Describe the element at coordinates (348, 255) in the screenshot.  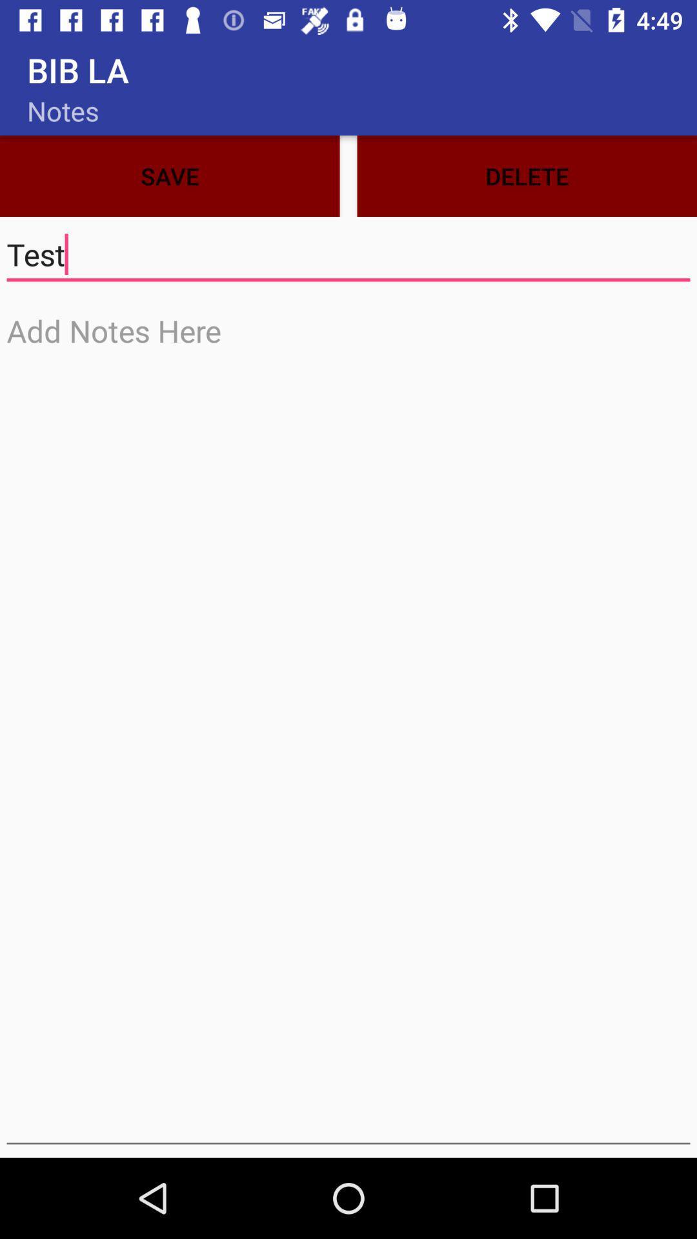
I see `test item` at that location.